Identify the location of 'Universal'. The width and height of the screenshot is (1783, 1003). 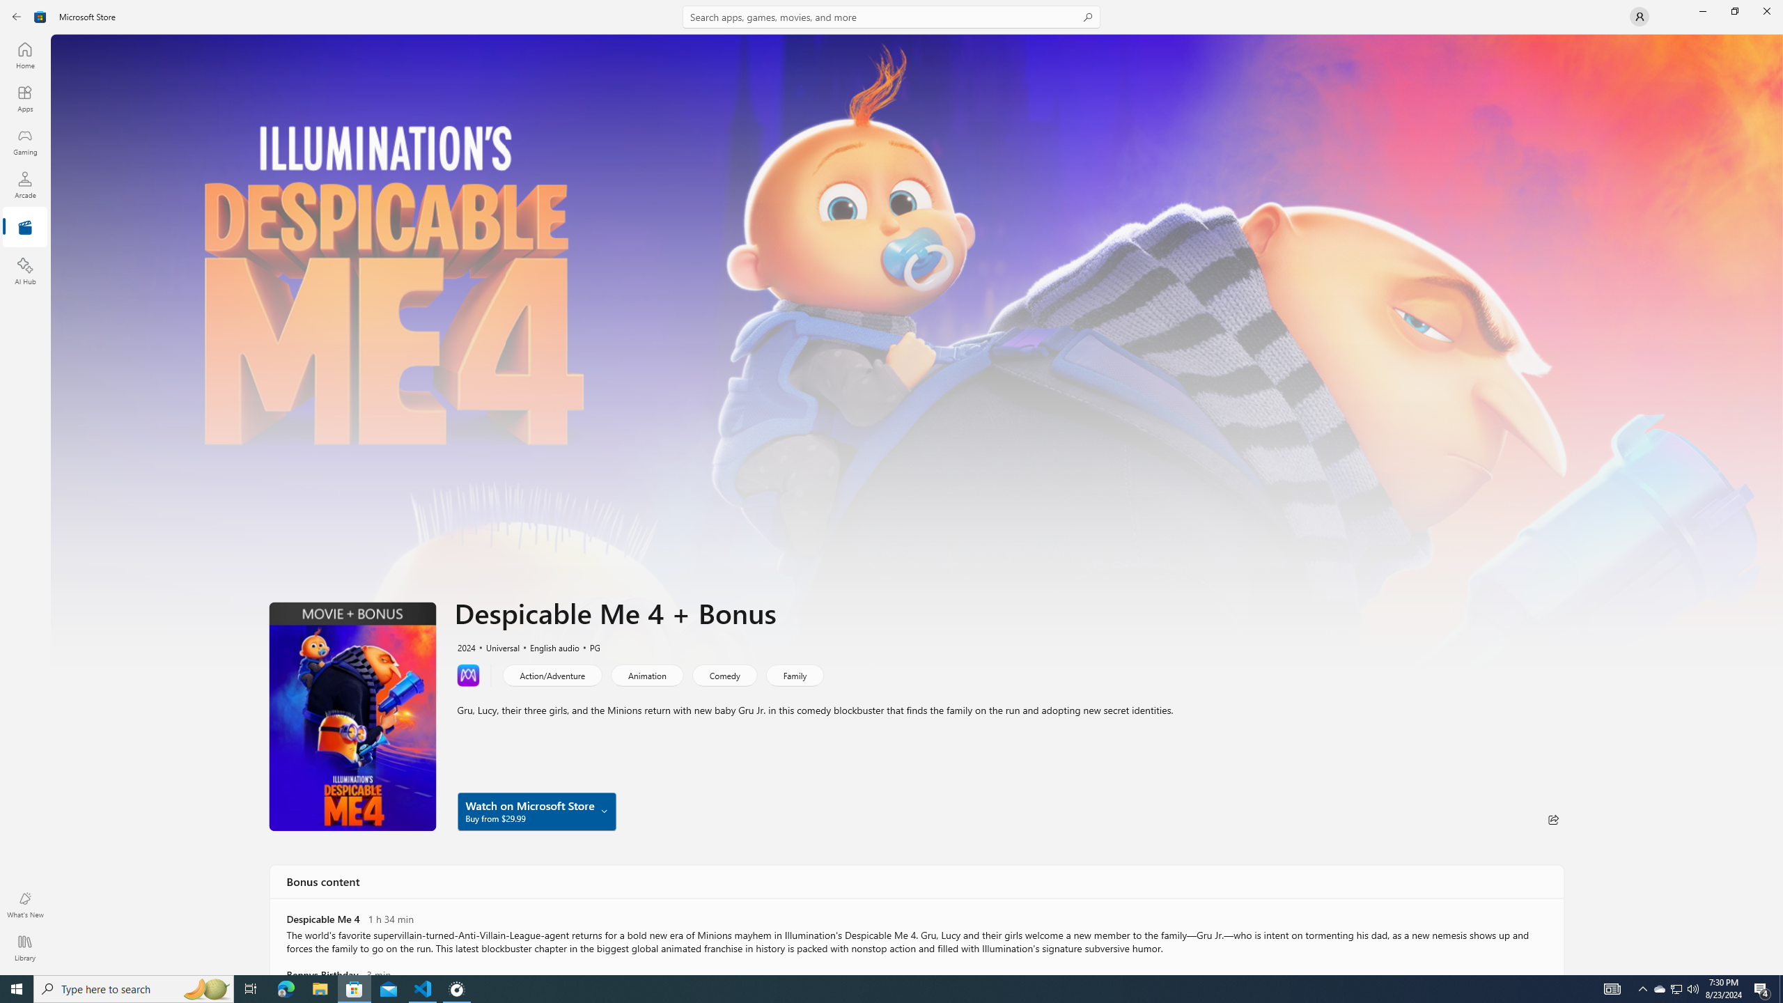
(496, 646).